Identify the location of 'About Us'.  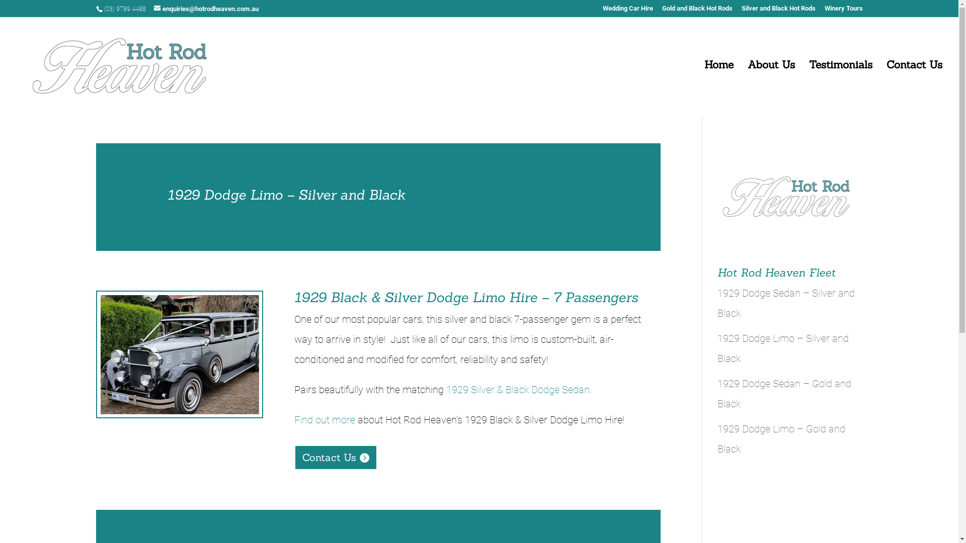
(770, 86).